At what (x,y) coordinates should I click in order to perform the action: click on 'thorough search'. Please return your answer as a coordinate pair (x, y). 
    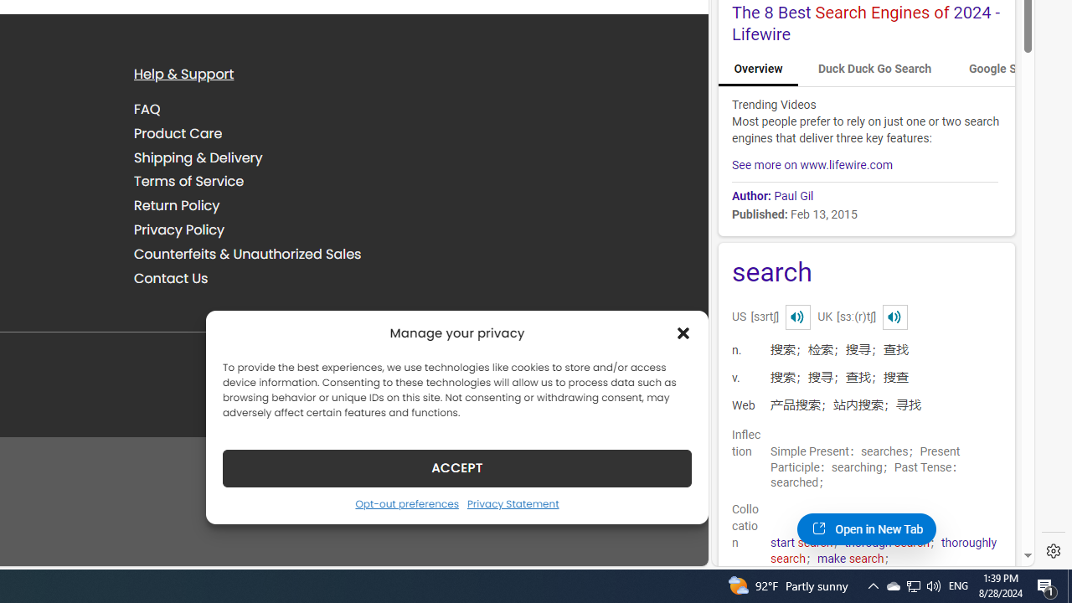
    Looking at the image, I should click on (886, 543).